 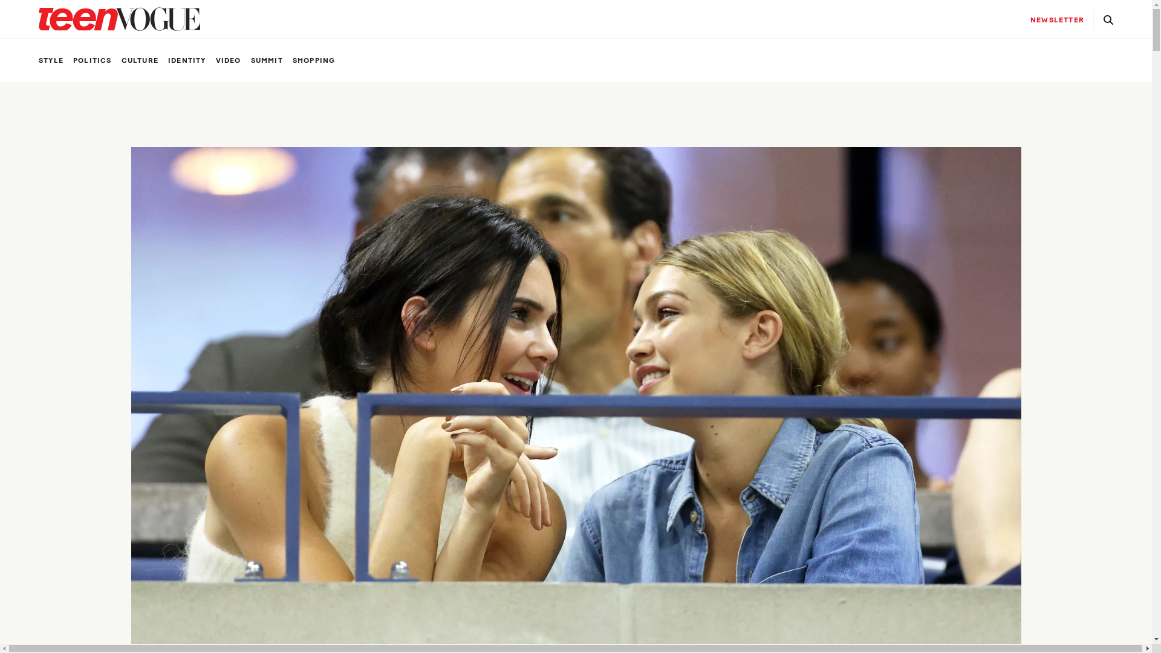 I want to click on 'CULTURE', so click(x=140, y=60).